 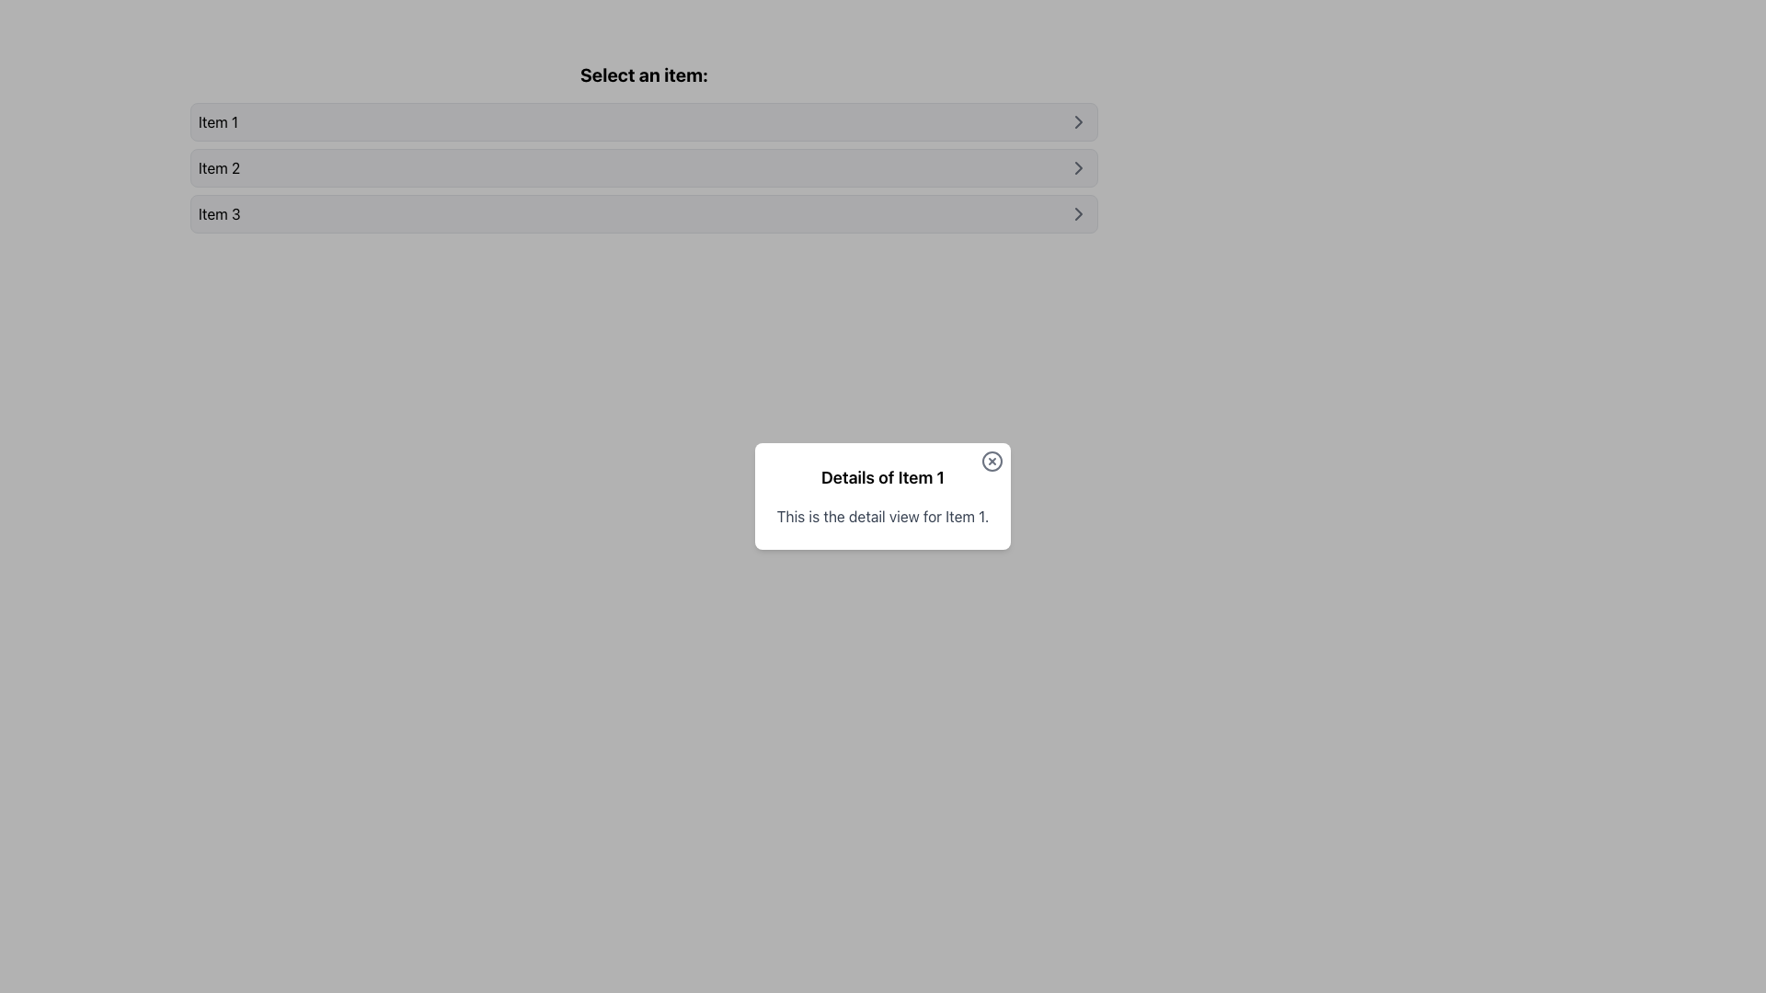 I want to click on the close button located at the top-right corner of the modal titled 'Details of Item 1' to change its color, so click(x=992, y=460).